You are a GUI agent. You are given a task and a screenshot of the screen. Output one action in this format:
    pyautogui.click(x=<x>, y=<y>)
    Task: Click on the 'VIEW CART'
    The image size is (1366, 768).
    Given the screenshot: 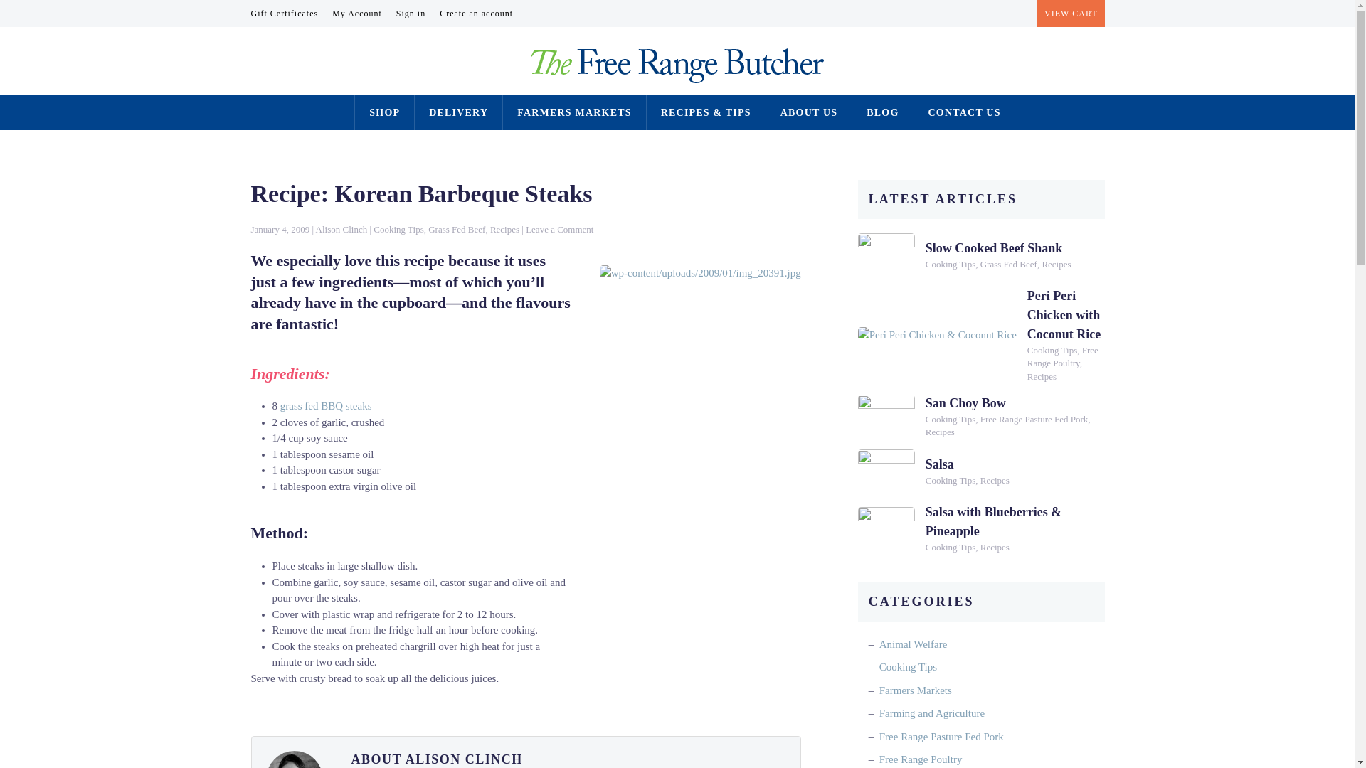 What is the action you would take?
    pyautogui.click(x=1071, y=14)
    